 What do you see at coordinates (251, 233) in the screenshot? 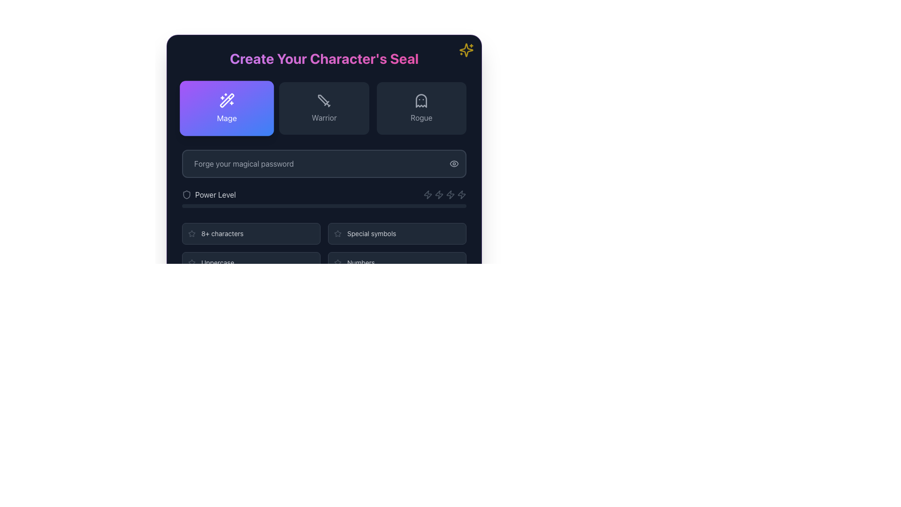
I see `the password requirement indicator box that displays the message about needing at least 8 characters, located in the first row and first column of the grid layout` at bounding box center [251, 233].